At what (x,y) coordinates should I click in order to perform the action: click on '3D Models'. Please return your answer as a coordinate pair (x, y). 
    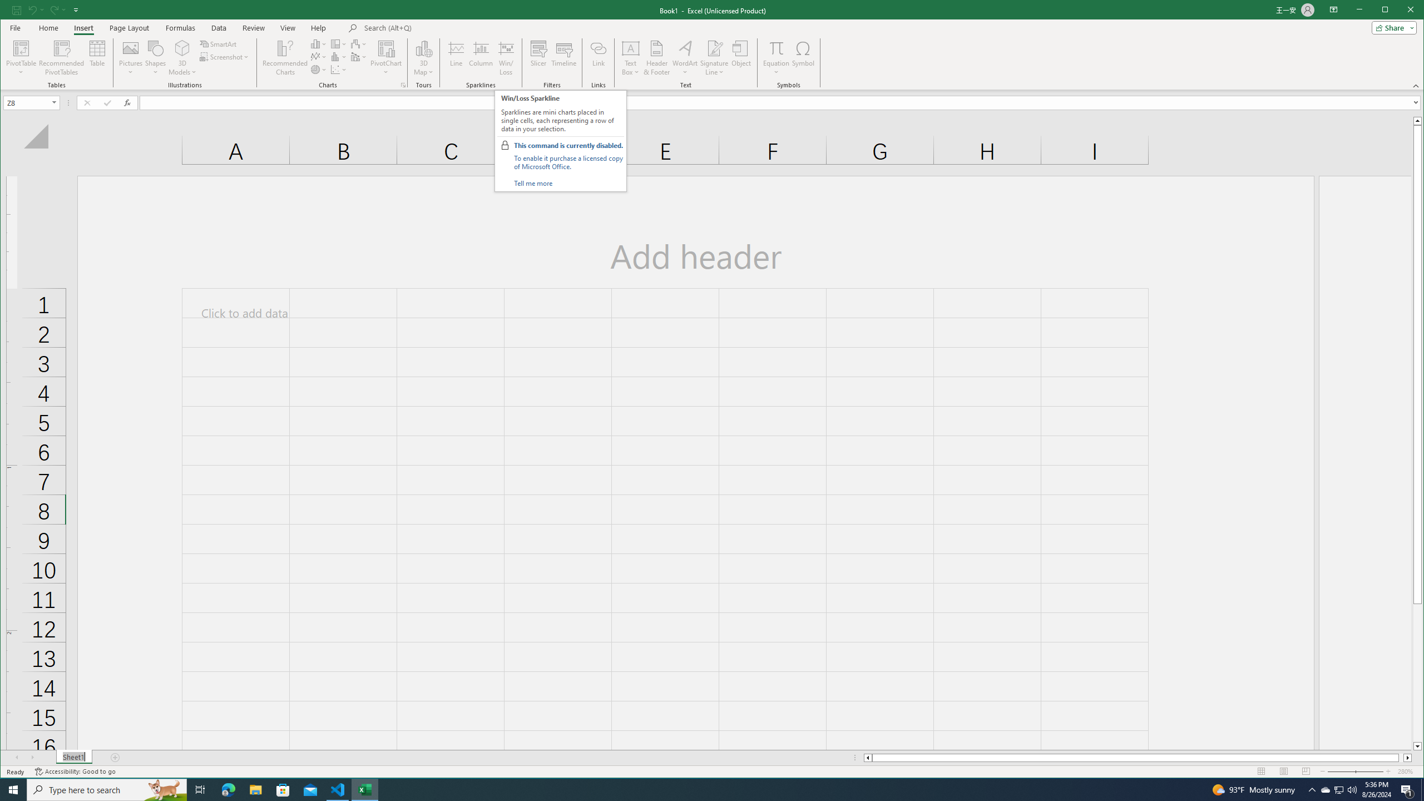
    Looking at the image, I should click on (182, 57).